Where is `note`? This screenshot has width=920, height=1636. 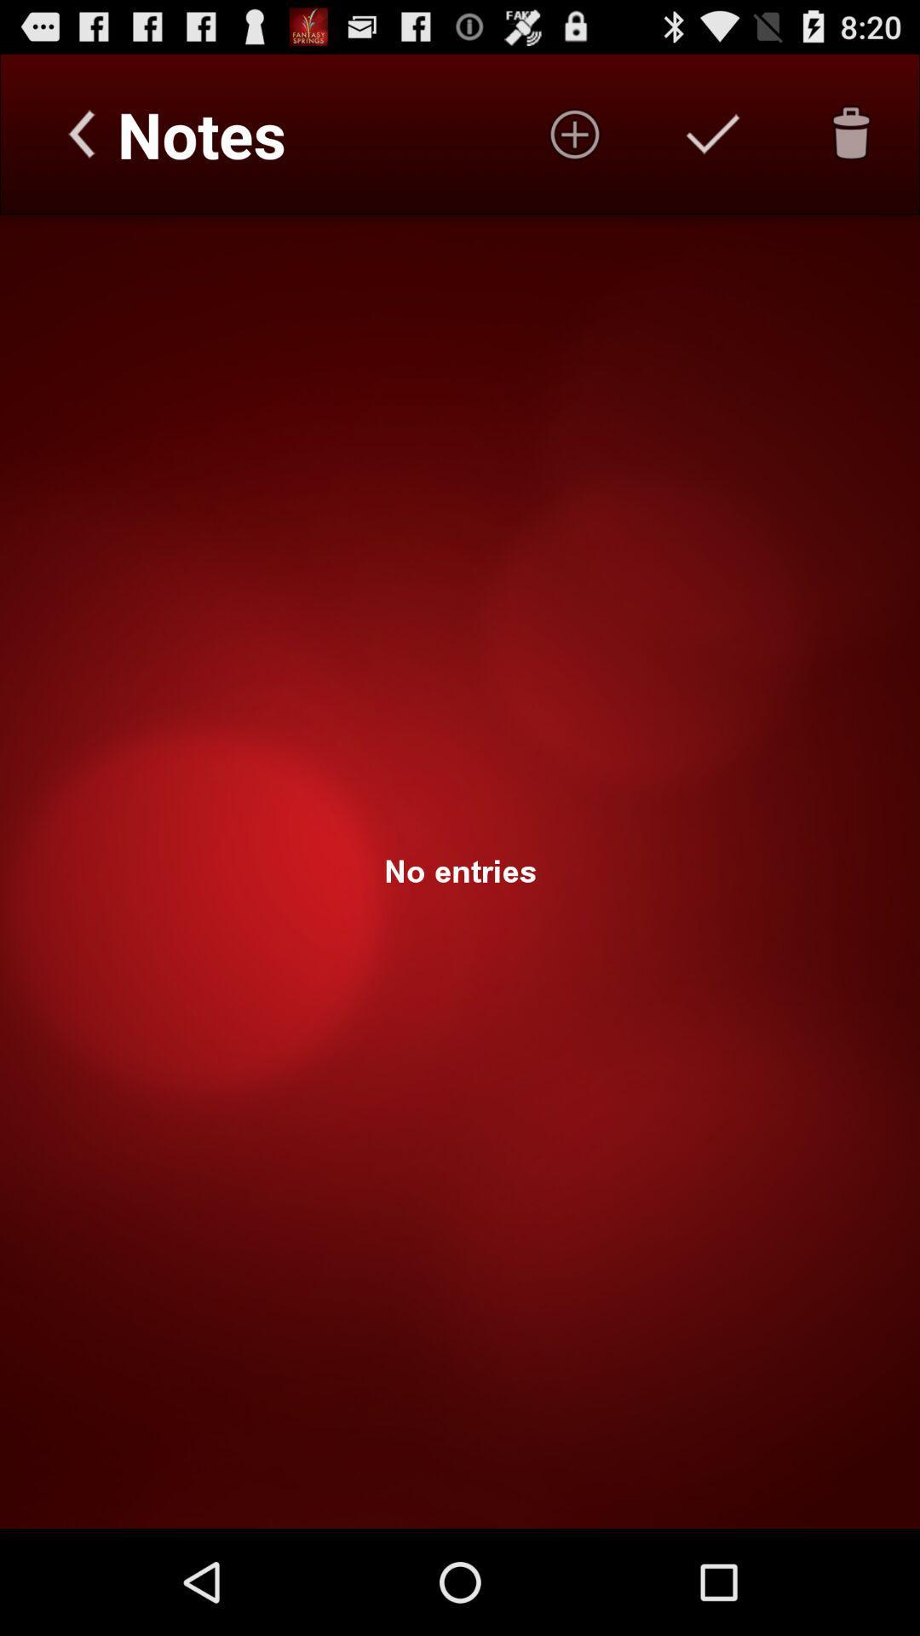 note is located at coordinates (713, 133).